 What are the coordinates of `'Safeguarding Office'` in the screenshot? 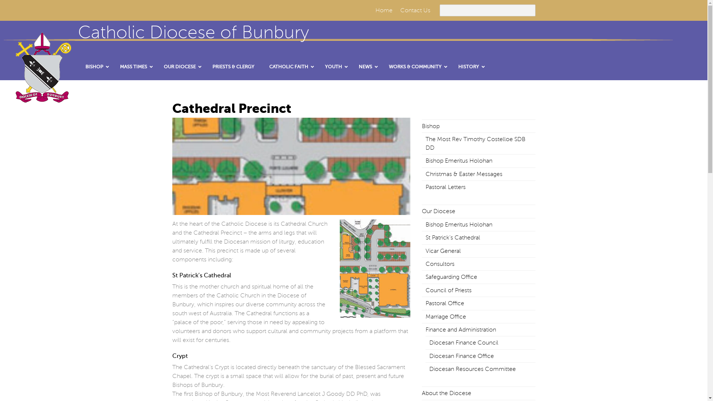 It's located at (451, 277).